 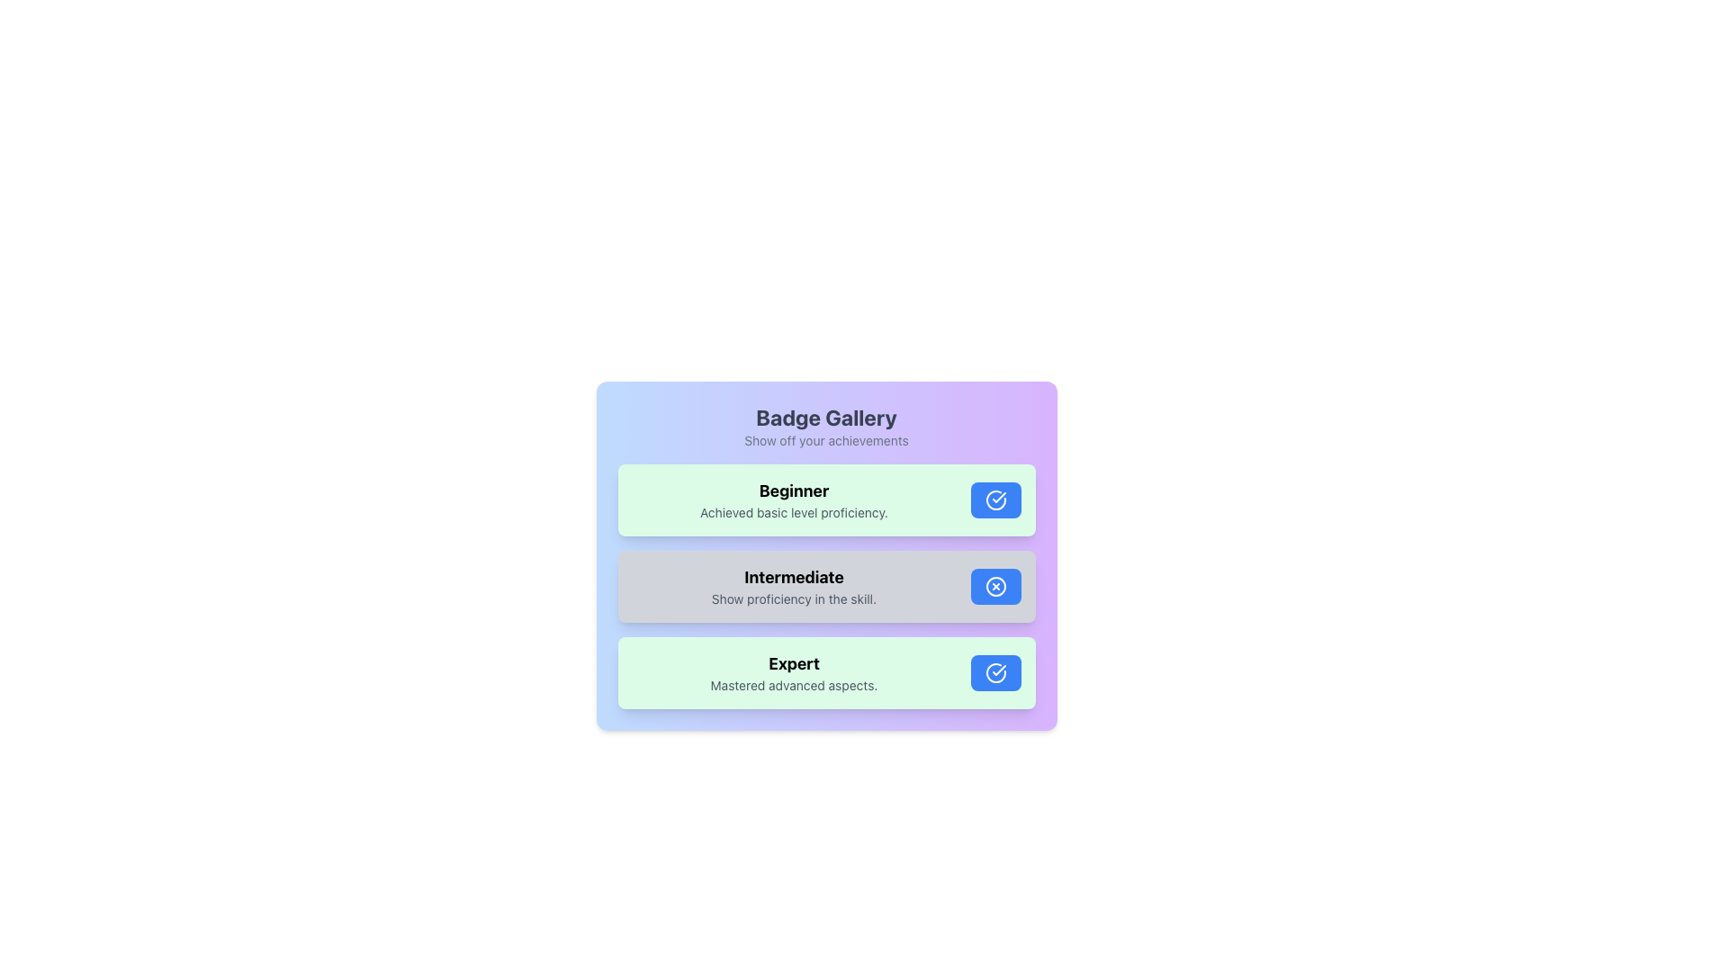 What do you see at coordinates (793, 663) in the screenshot?
I see `the 'Expert' level badge title text, which is prominently displayed in the third row of the achievement list, above the descriptive text, aligning with the titles of 'Beginner' and 'Intermediate'` at bounding box center [793, 663].